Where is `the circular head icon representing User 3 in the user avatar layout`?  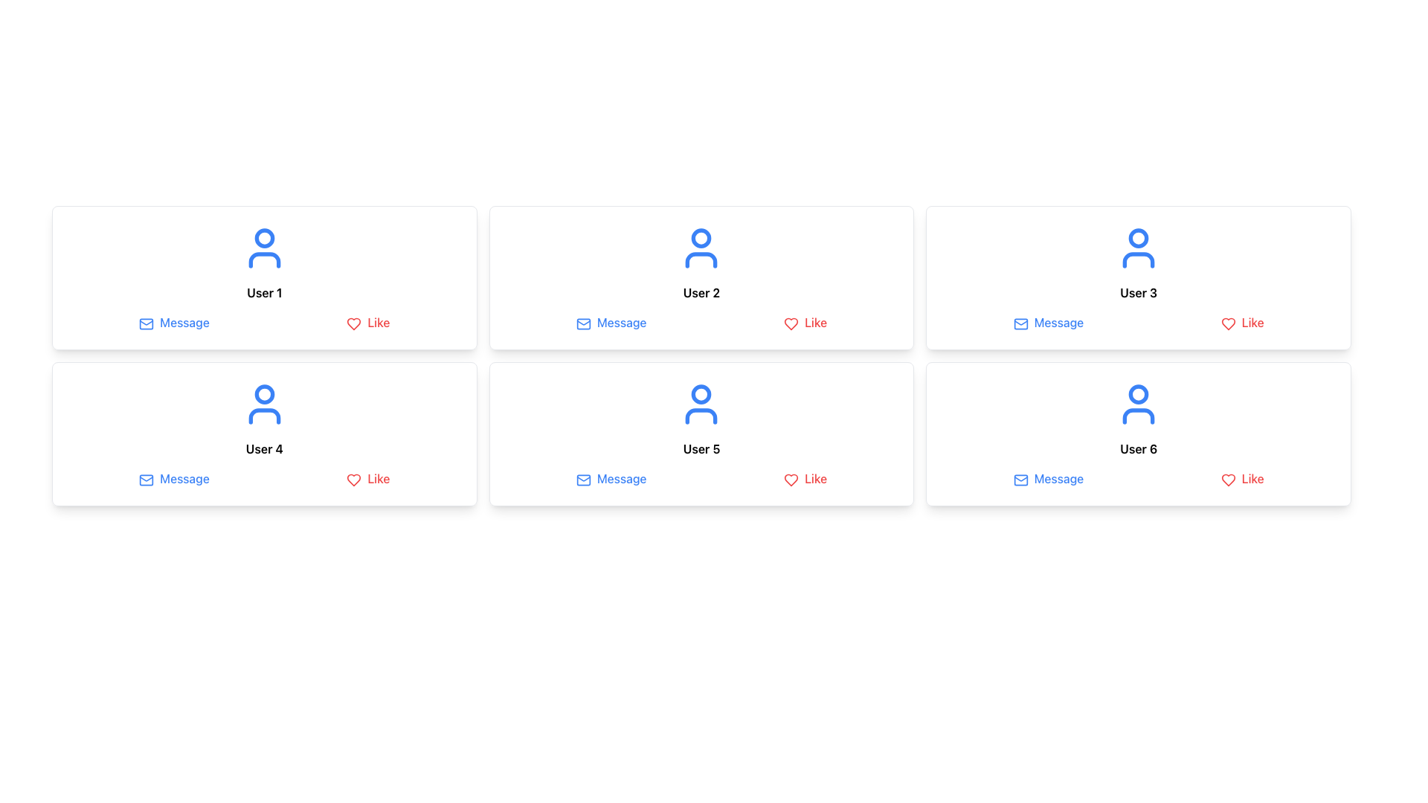
the circular head icon representing User 3 in the user avatar layout is located at coordinates (1138, 237).